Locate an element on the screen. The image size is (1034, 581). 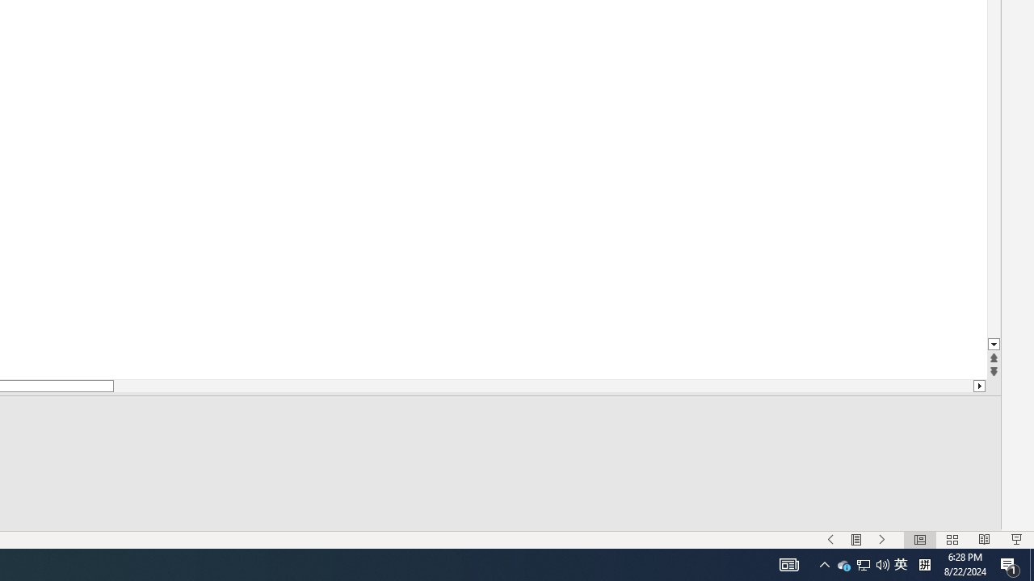
'Menu On' is located at coordinates (855, 540).